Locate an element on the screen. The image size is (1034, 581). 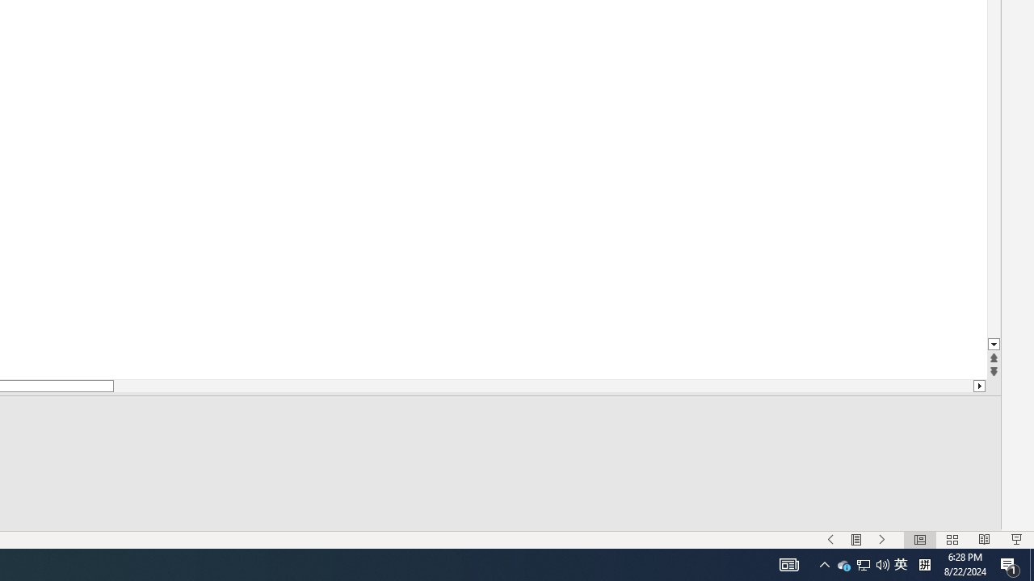
'Menu On' is located at coordinates (855, 540).